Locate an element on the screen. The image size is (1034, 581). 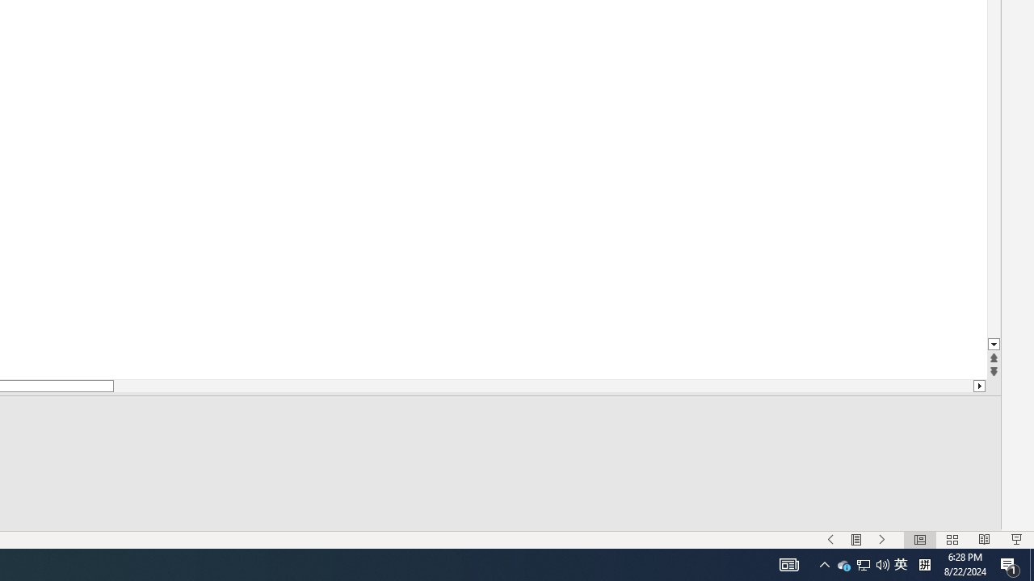
'Menu On' is located at coordinates (855, 540).